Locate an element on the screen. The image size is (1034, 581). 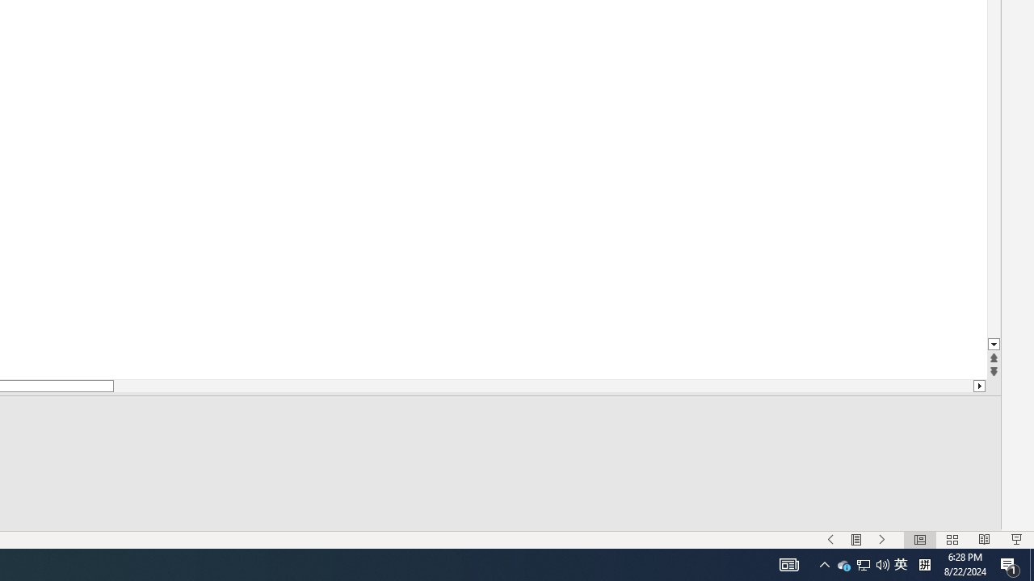
'Menu On' is located at coordinates (855, 540).